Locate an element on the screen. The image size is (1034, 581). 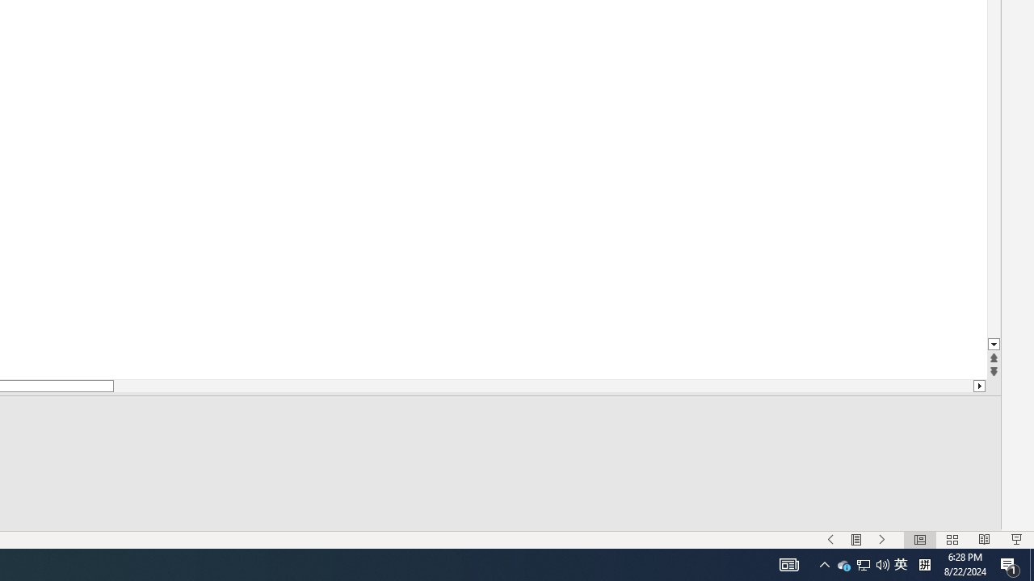
'Menu On' is located at coordinates (855, 540).